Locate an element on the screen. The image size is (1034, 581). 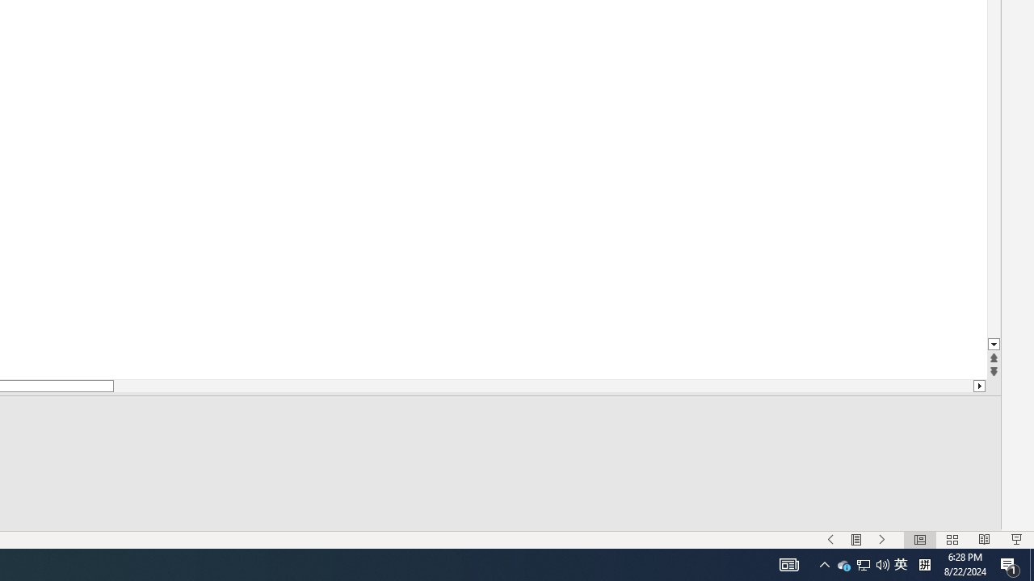
'Menu On' is located at coordinates (855, 540).